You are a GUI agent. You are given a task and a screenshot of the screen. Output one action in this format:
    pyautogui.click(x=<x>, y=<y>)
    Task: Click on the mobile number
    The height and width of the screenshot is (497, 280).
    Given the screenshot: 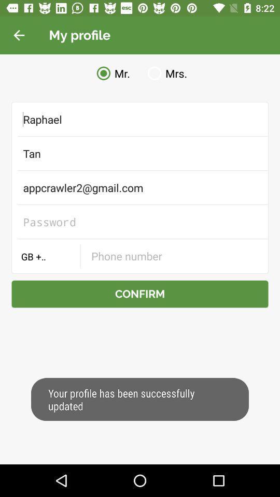 What is the action you would take?
    pyautogui.click(x=174, y=255)
    